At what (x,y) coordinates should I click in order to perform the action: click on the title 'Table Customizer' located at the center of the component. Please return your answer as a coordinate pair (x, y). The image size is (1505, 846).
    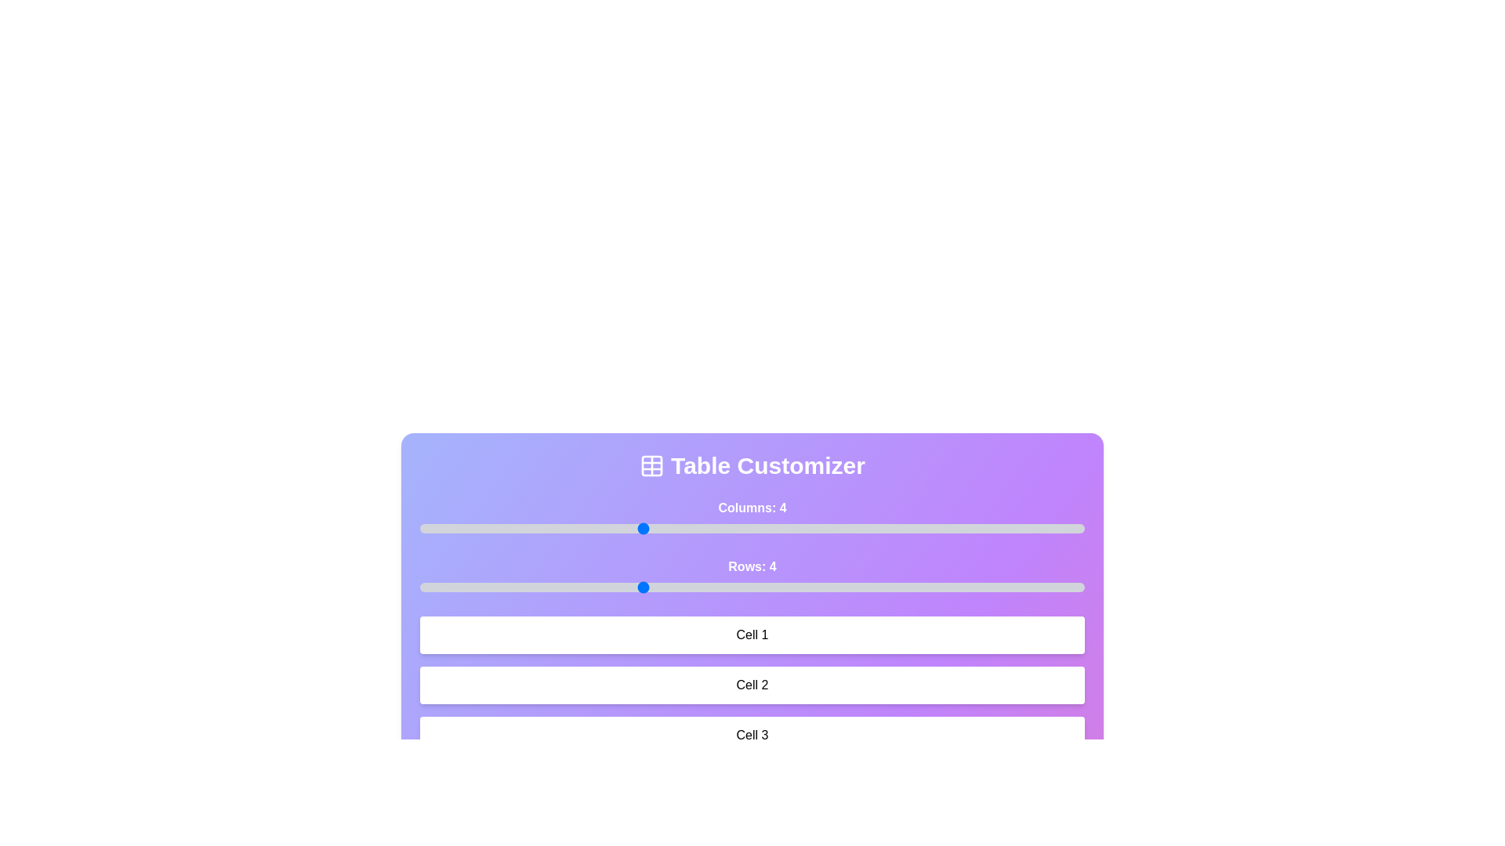
    Looking at the image, I should click on (752, 465).